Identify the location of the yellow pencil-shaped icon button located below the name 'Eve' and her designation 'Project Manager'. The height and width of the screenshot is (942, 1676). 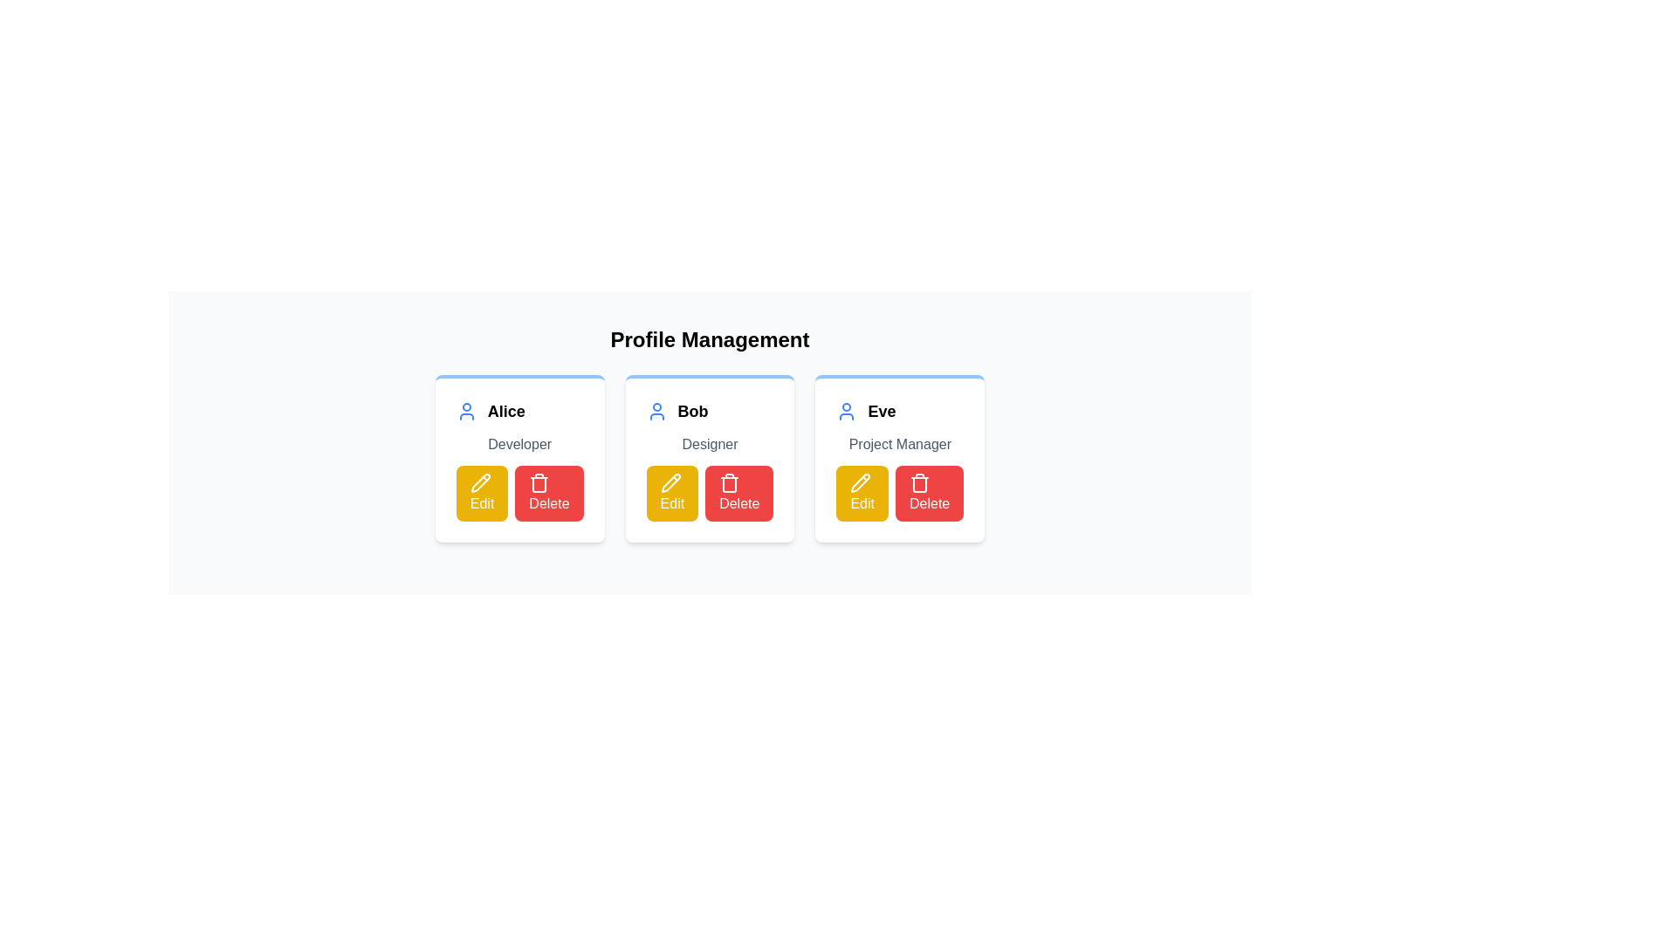
(861, 483).